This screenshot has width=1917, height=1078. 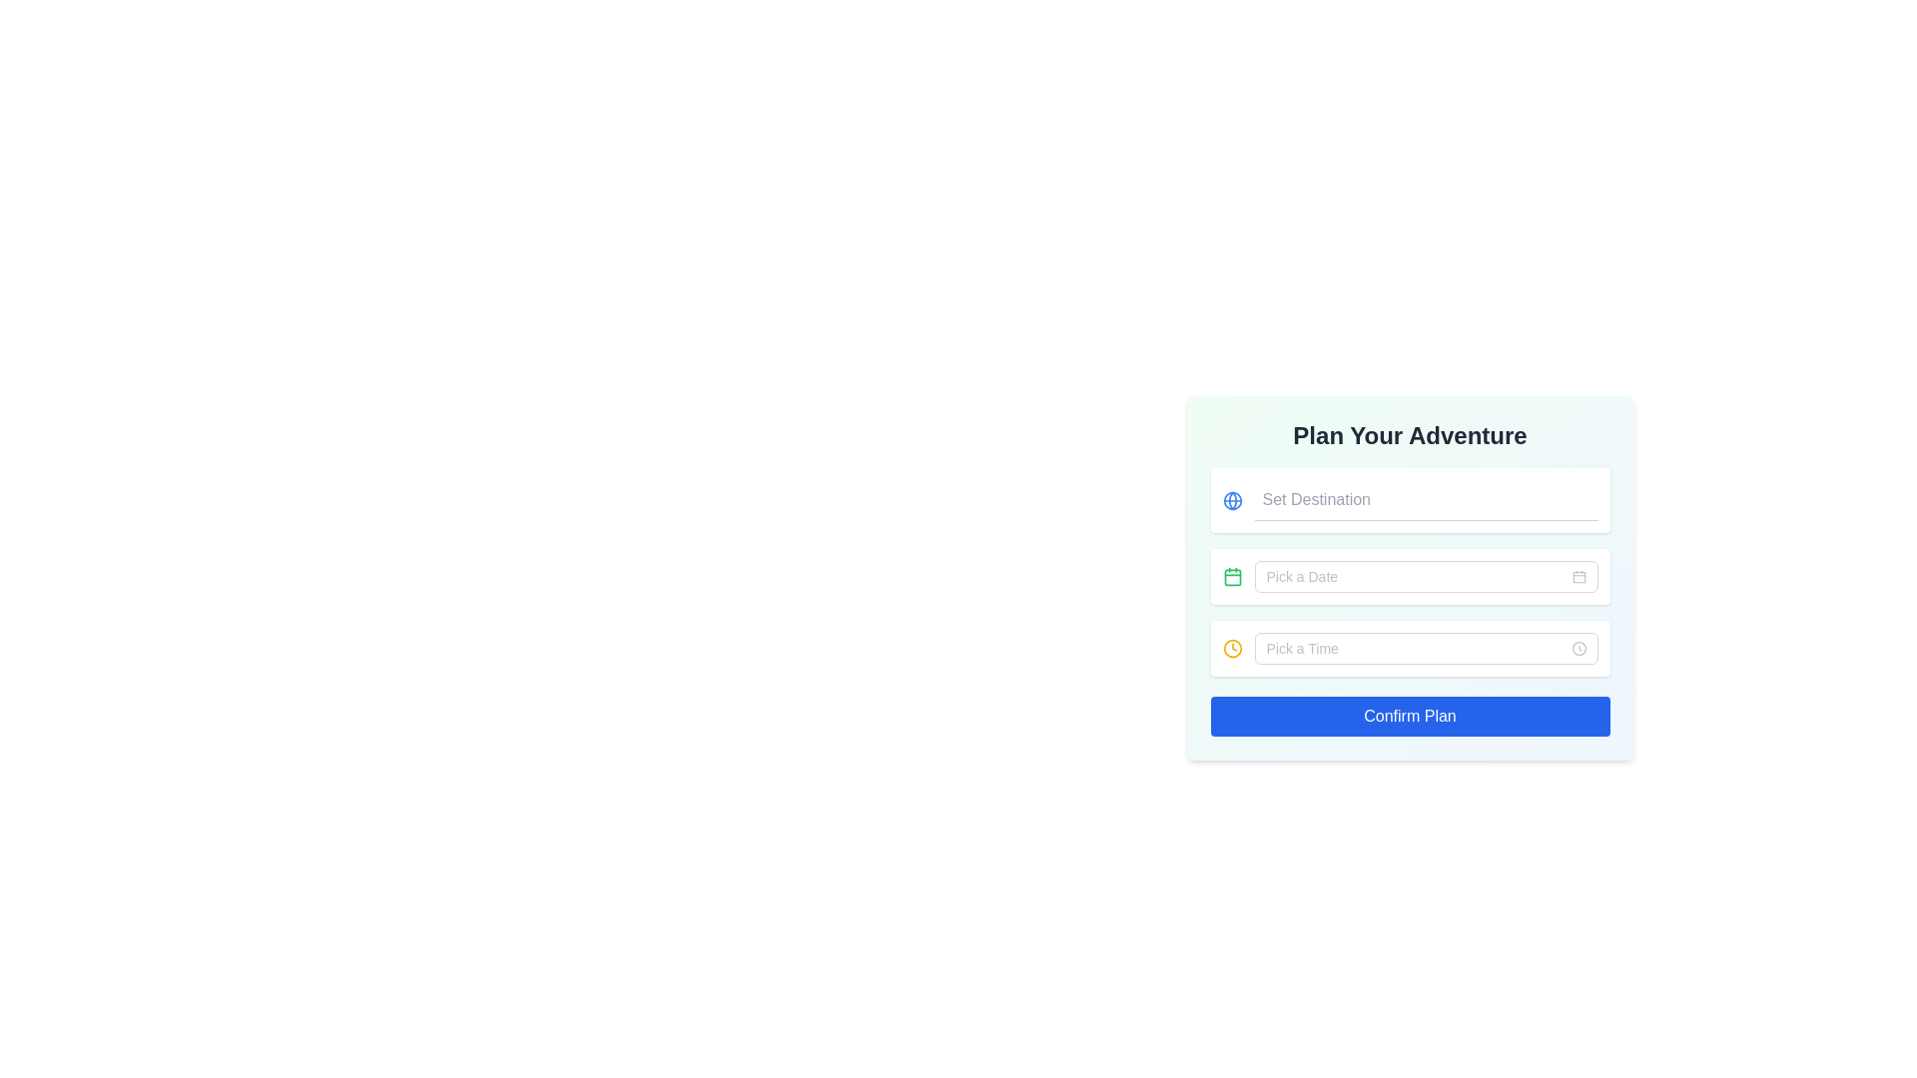 I want to click on the calendar icon with a green outline located to the left of the 'Pick a Date' text field in the 'Plan Your Adventure' panel, so click(x=1231, y=577).